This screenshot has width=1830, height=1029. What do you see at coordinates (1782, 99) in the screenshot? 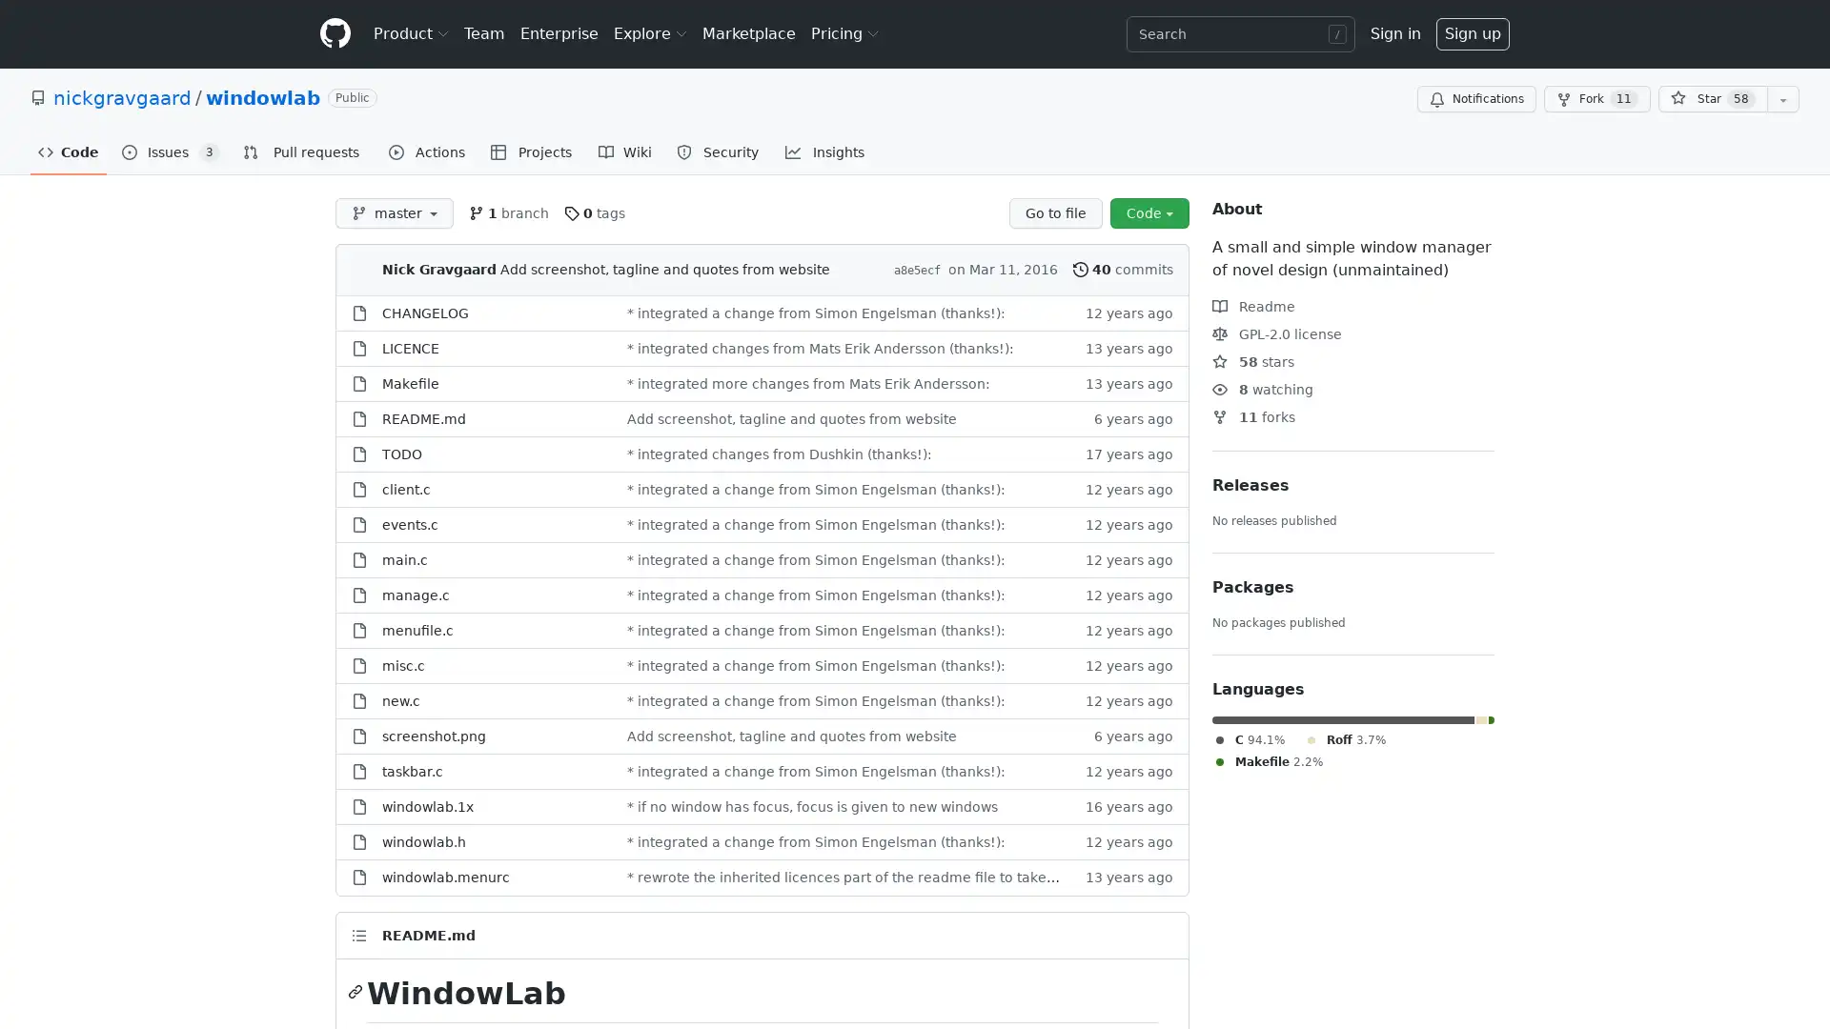
I see `You must be signed in to add this repository to a list` at bounding box center [1782, 99].